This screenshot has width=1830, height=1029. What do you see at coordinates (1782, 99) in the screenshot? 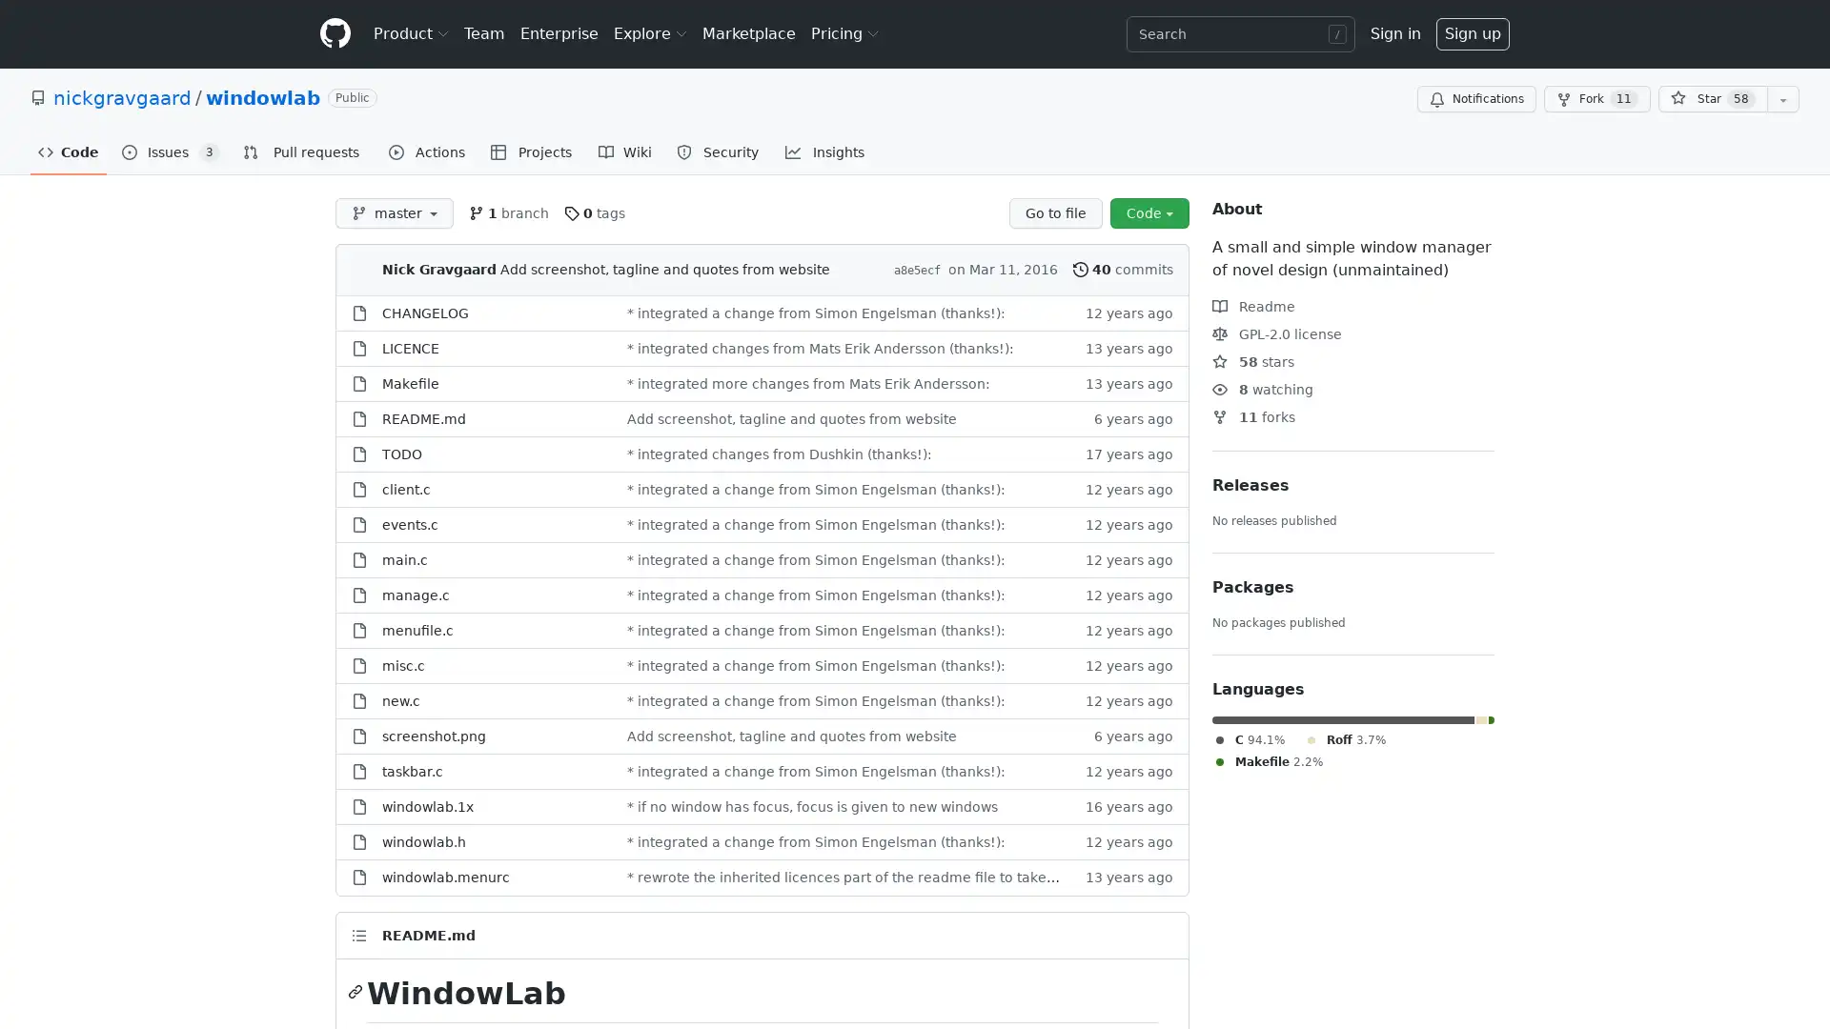
I see `You must be signed in to add this repository to a list` at bounding box center [1782, 99].